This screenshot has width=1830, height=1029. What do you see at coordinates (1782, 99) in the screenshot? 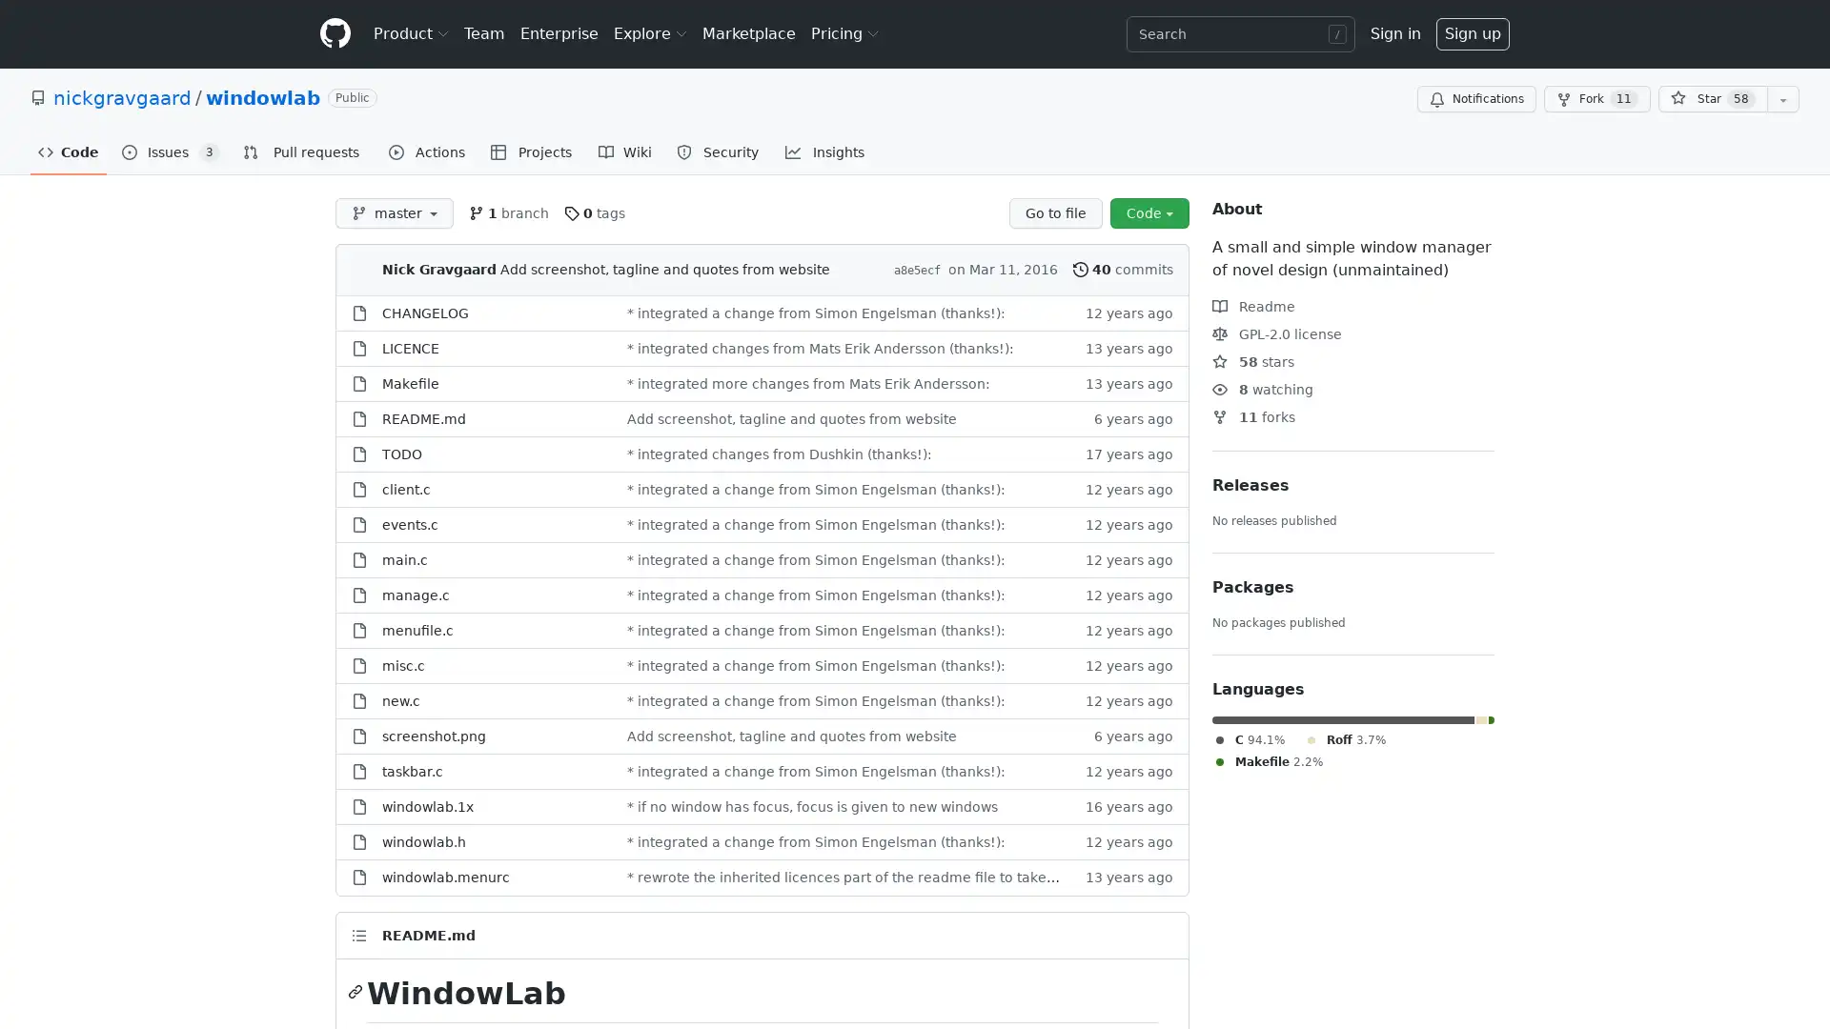
I see `You must be signed in to add this repository to a list` at bounding box center [1782, 99].